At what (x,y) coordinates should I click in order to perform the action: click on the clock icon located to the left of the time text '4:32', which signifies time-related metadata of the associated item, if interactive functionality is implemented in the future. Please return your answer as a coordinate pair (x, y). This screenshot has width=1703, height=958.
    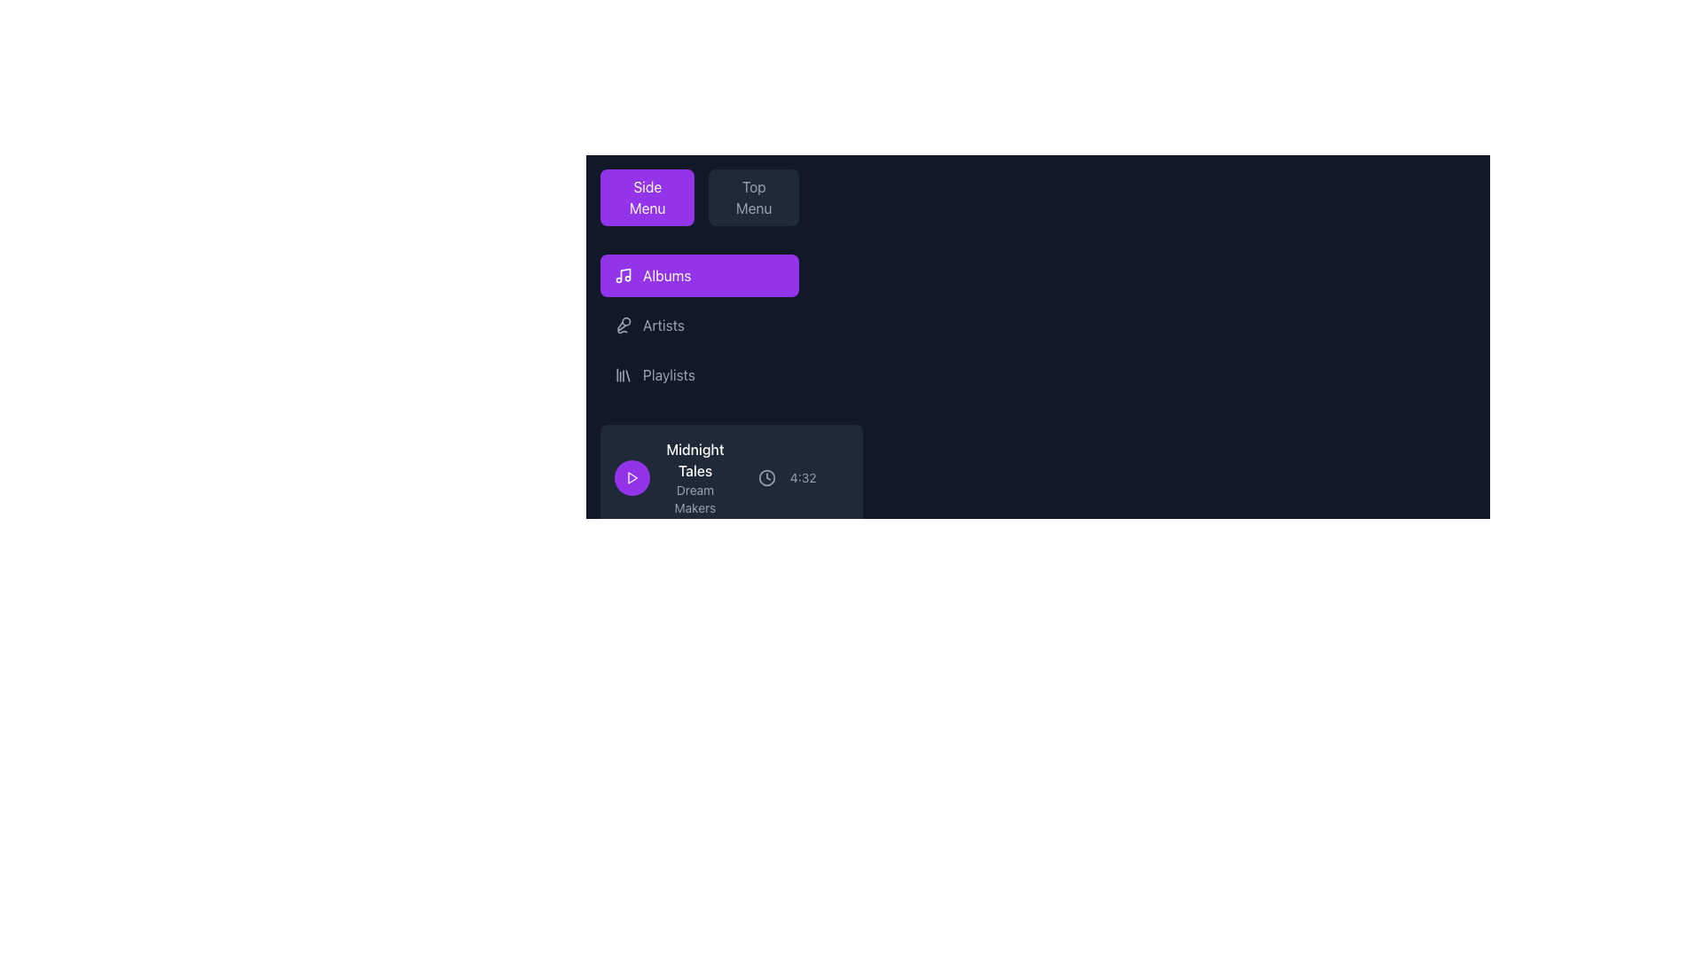
    Looking at the image, I should click on (766, 477).